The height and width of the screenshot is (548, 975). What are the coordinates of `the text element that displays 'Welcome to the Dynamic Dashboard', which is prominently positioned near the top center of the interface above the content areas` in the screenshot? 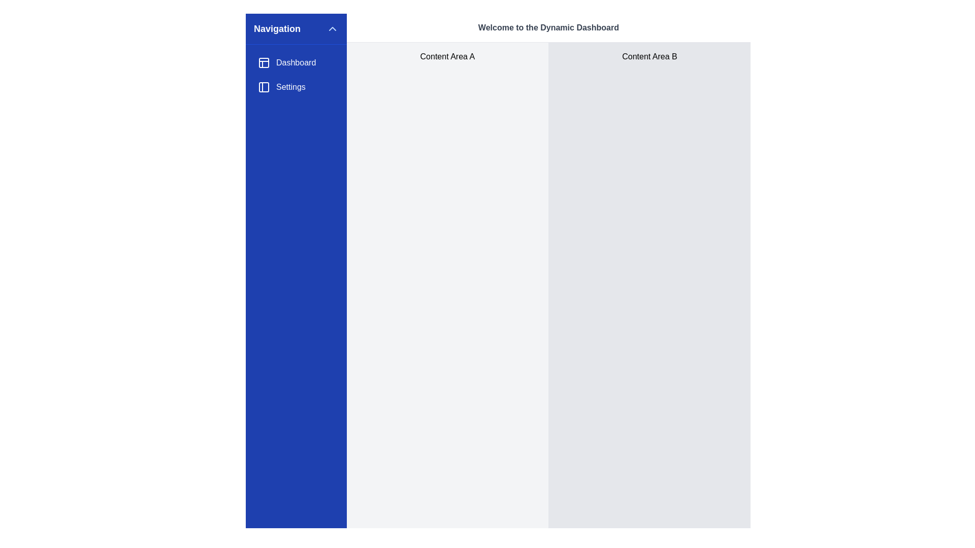 It's located at (548, 27).